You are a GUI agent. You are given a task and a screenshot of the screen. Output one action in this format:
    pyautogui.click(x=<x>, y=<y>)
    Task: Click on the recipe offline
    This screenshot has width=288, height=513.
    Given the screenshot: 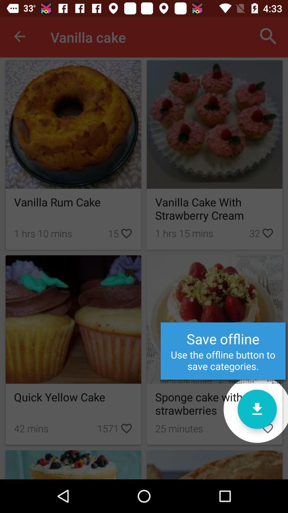 What is the action you would take?
    pyautogui.click(x=257, y=409)
    